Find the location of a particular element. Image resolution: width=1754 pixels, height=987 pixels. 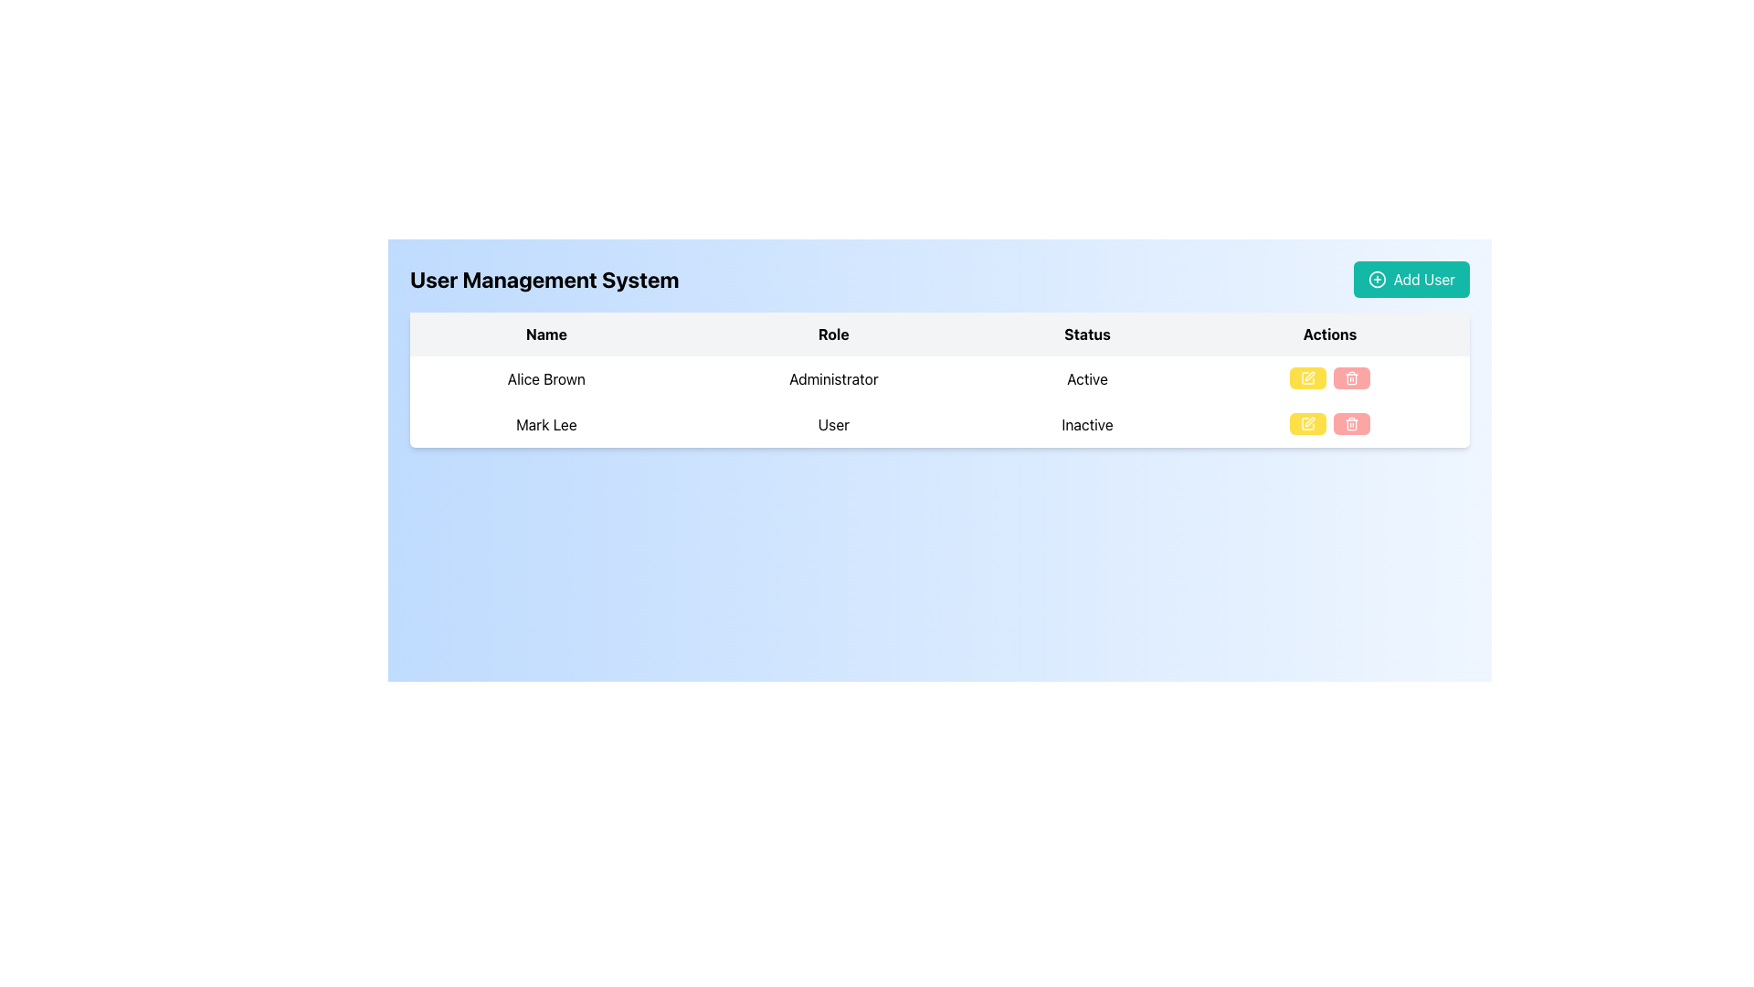

the red delete button with a trash can icon located in the 'Actions' column, adjacent to the yellow button, in the row of 'Alice Brown' is located at coordinates (1351, 377).